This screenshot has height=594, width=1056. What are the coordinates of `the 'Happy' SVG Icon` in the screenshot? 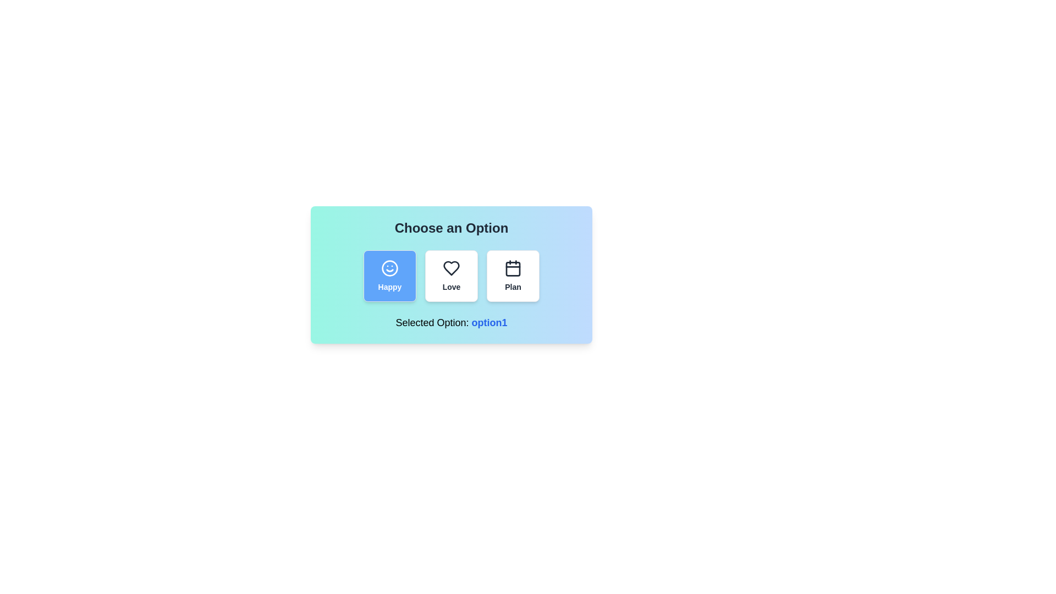 It's located at (390, 268).